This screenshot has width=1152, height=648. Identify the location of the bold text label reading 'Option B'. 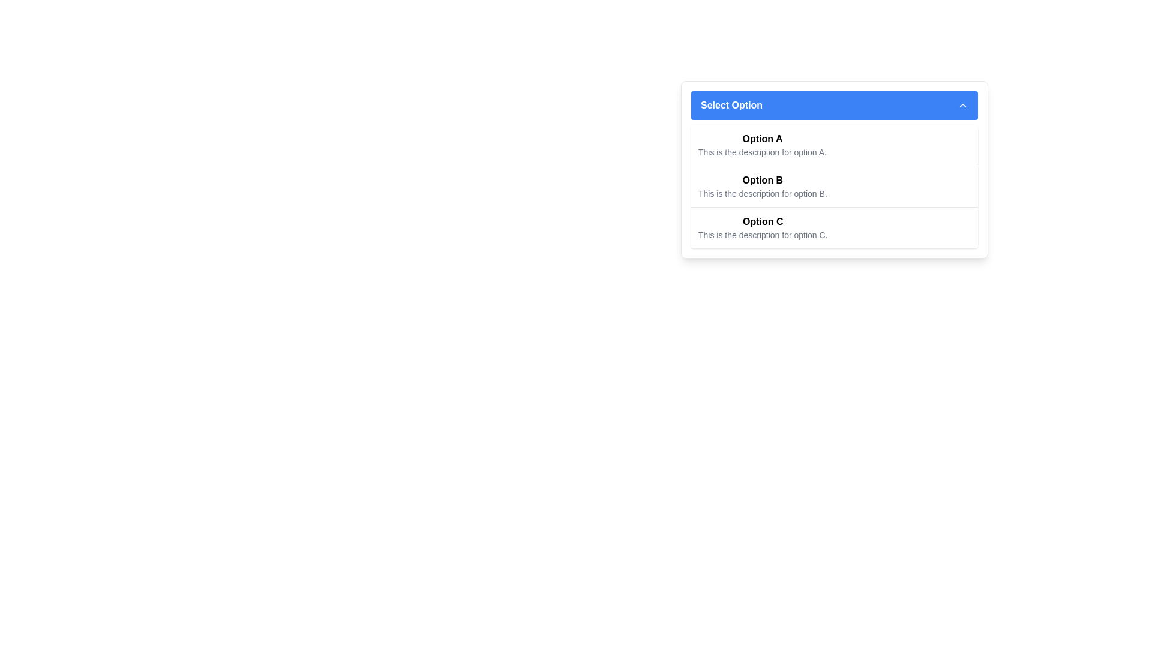
(762, 180).